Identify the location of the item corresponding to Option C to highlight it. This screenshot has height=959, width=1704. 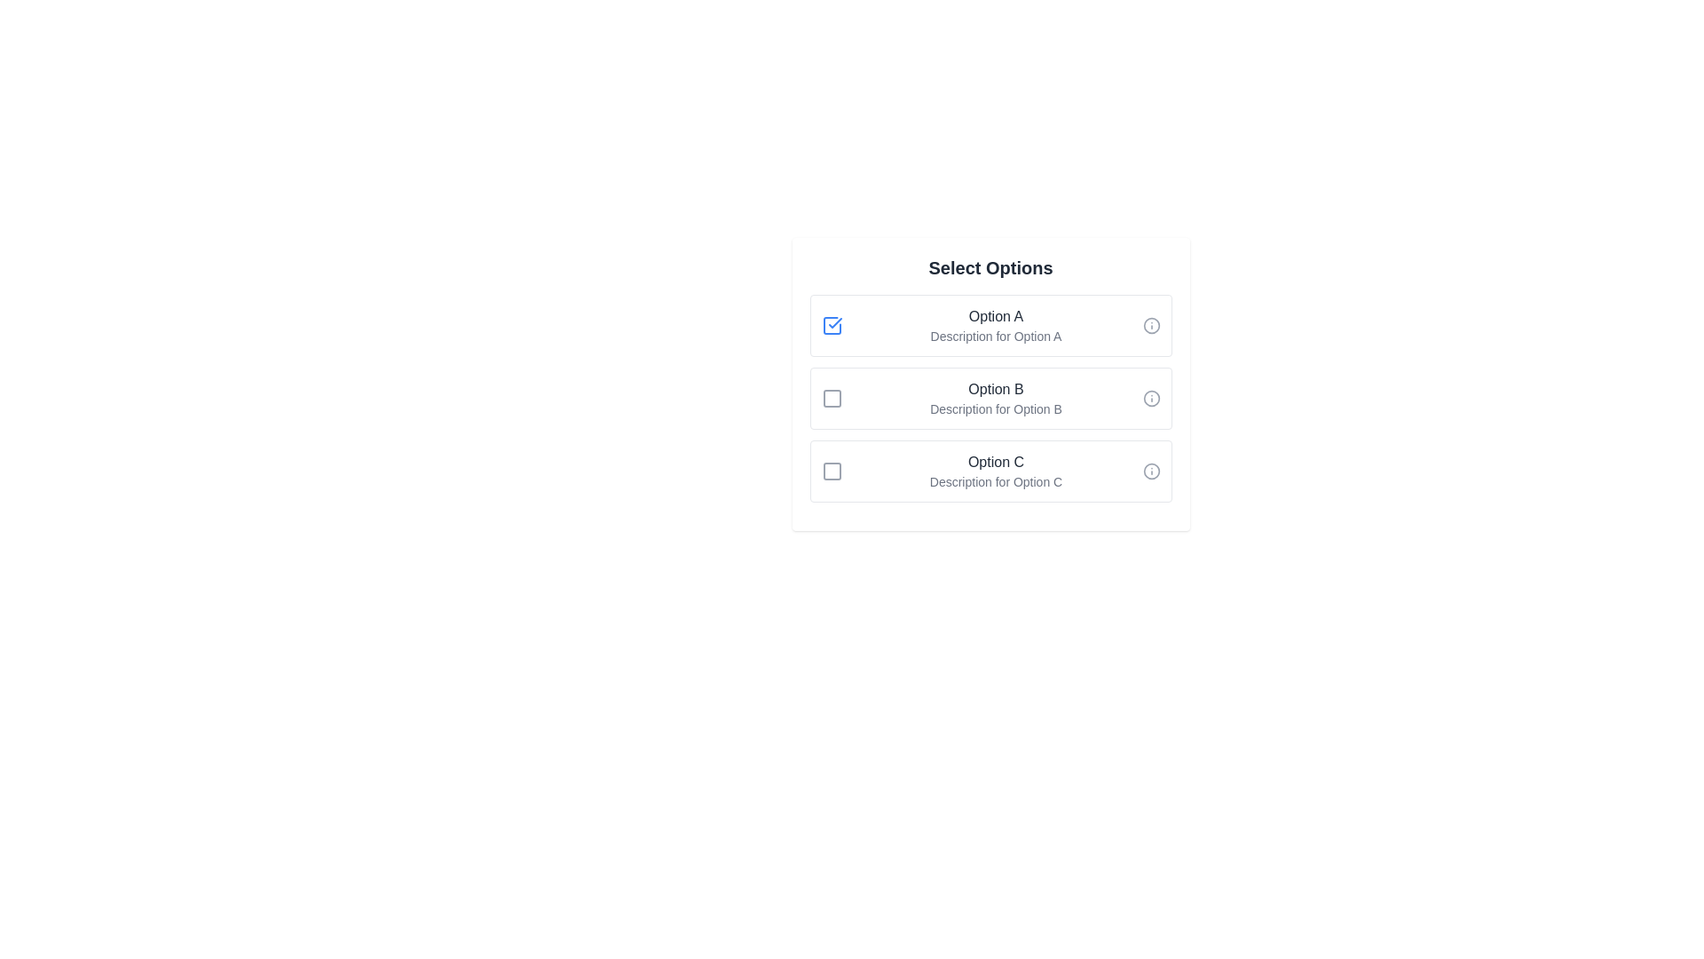
(990, 471).